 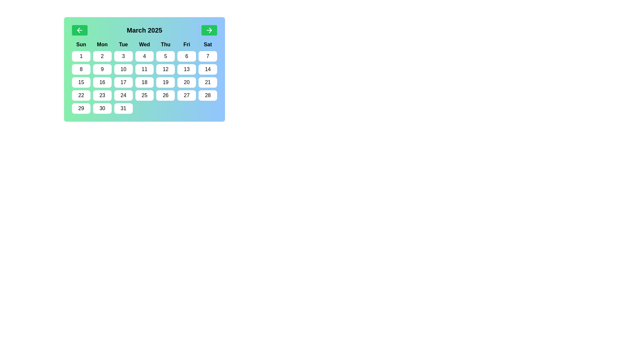 What do you see at coordinates (207, 56) in the screenshot?
I see `the button displaying the number '7' which is located in the first row and last column of the calendar grid under the 'Sat' header` at bounding box center [207, 56].